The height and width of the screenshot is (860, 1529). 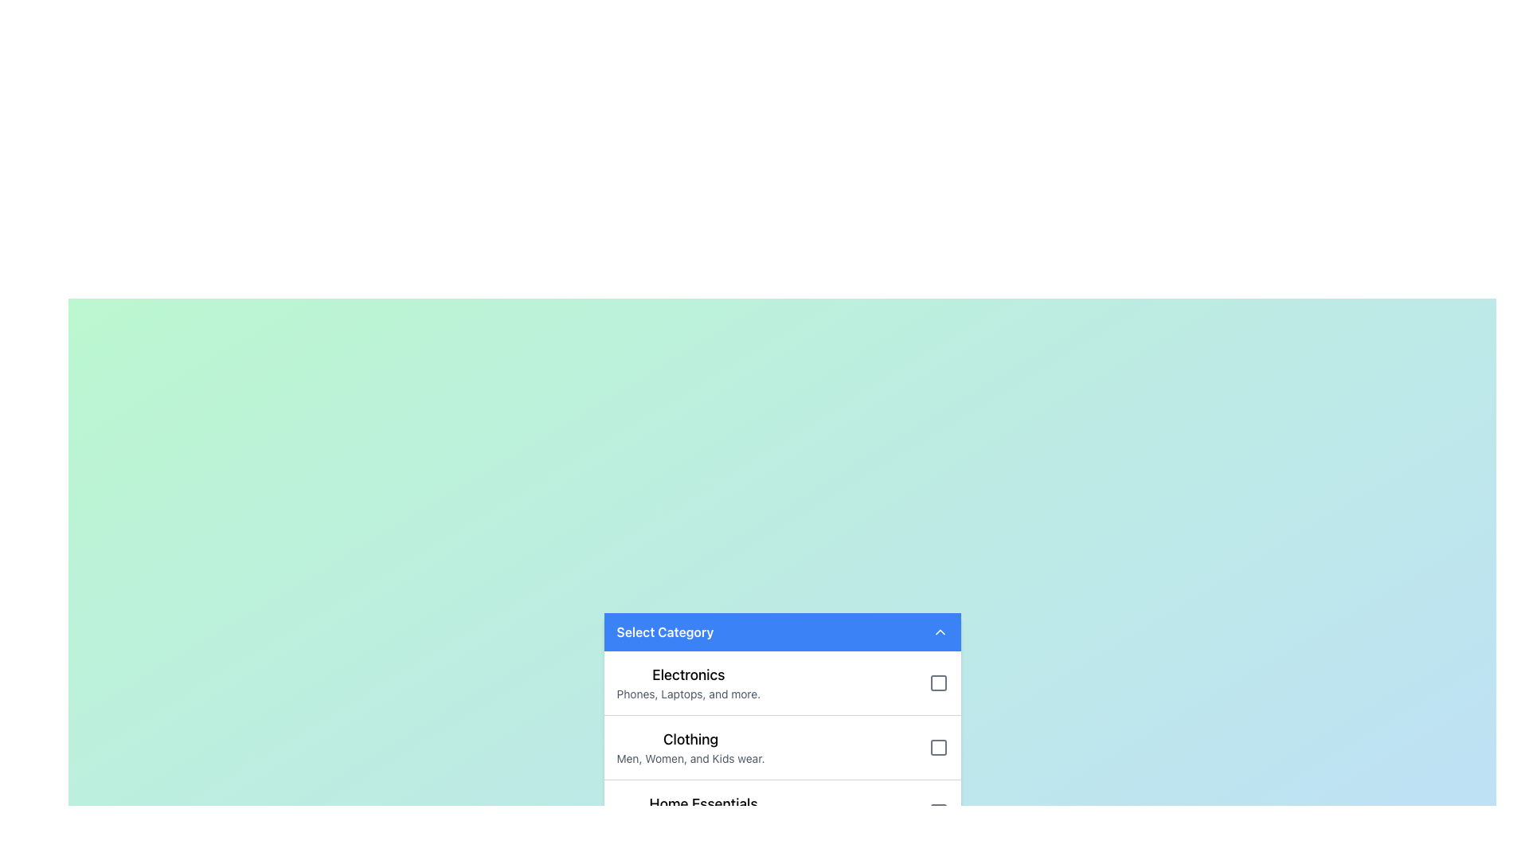 What do you see at coordinates (938, 682) in the screenshot?
I see `the Square icon located to the far right of the 'Electronics' list item in the 'Select Category' section` at bounding box center [938, 682].